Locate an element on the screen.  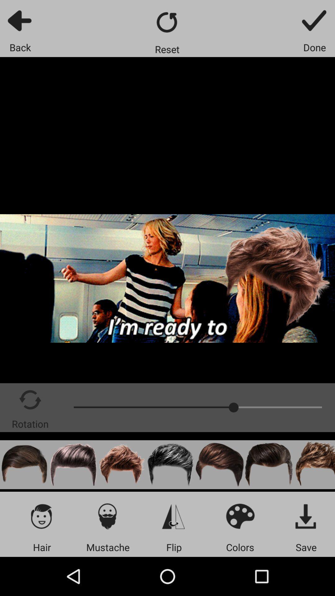
short brown is located at coordinates (24, 465).